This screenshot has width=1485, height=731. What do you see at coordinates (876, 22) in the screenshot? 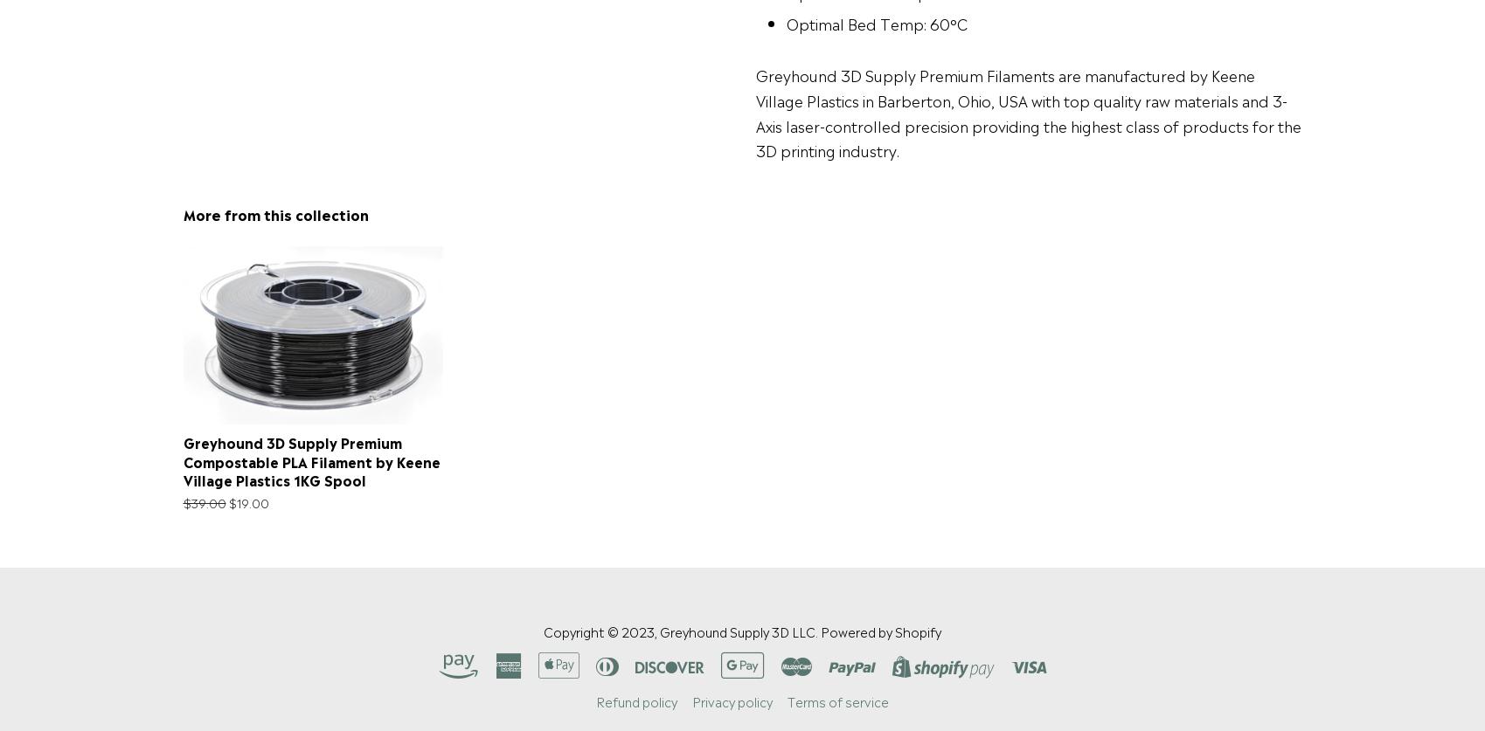
I see `'Optimal Bed Temp: 60°C'` at bounding box center [876, 22].